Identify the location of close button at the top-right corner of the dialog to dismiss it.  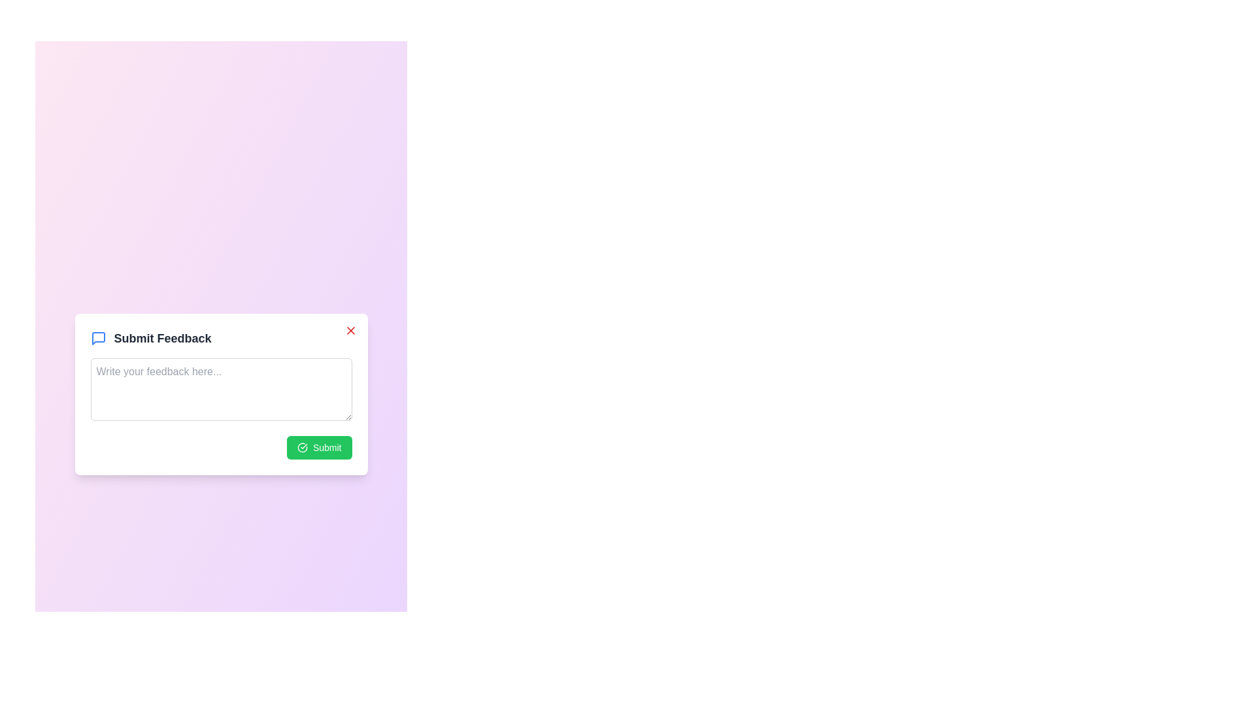
(350, 329).